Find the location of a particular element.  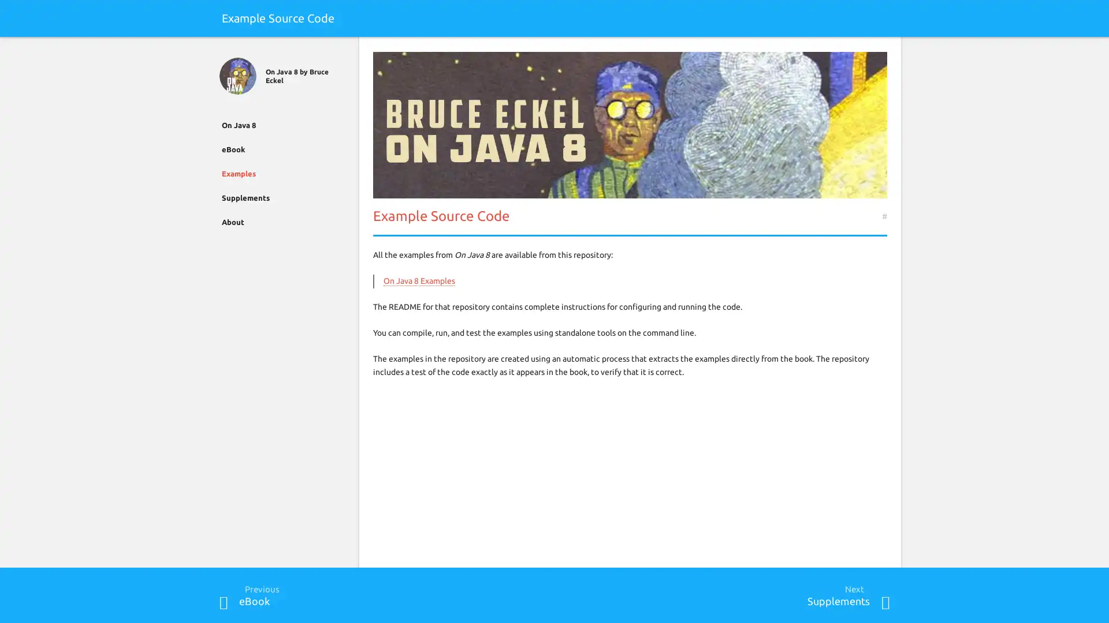

Search is located at coordinates (884, 50).